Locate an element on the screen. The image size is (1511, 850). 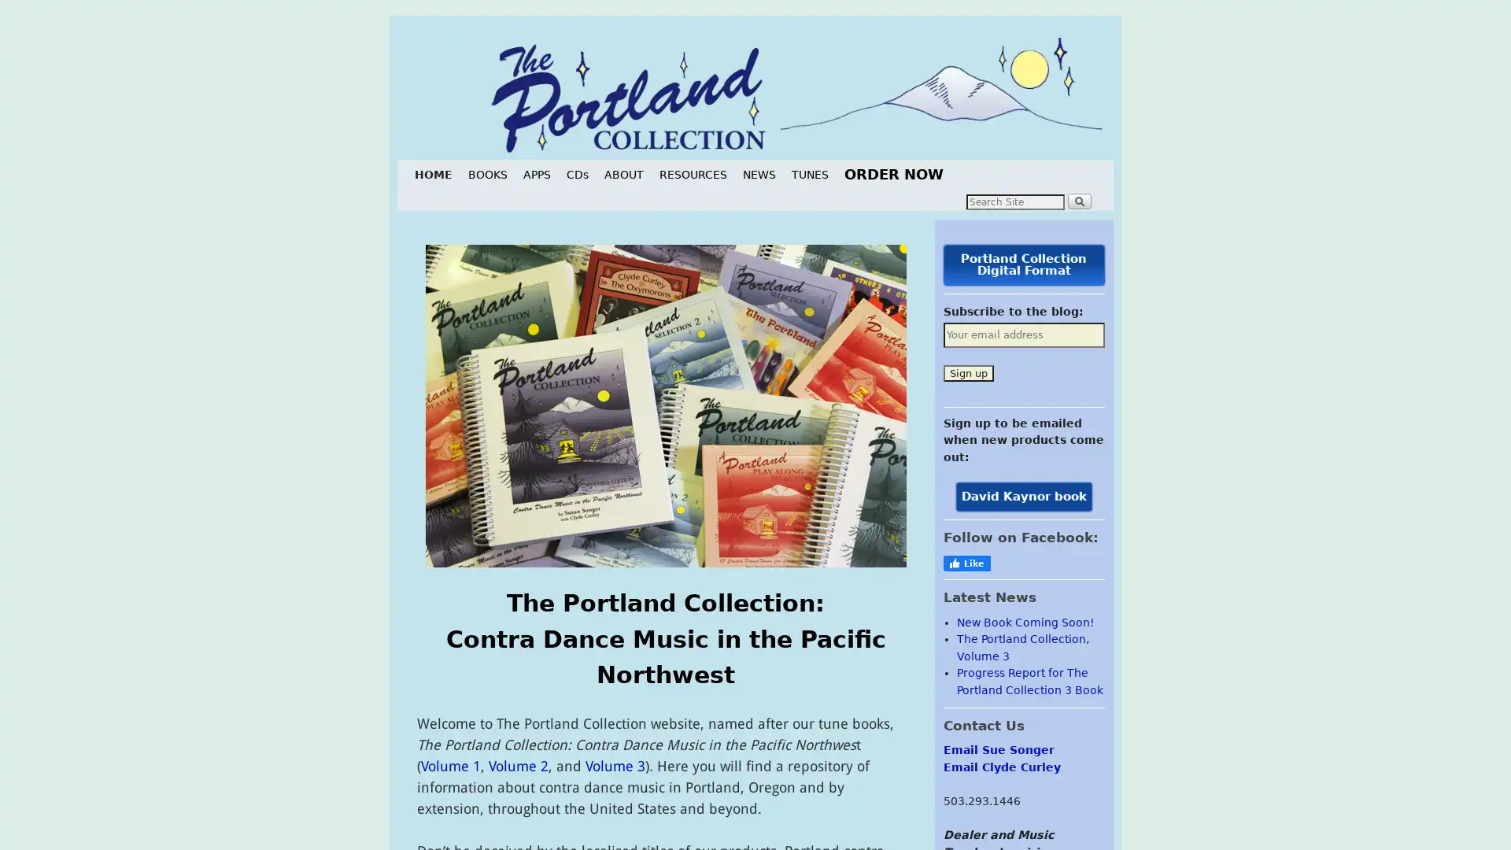
Sign up is located at coordinates (966, 372).